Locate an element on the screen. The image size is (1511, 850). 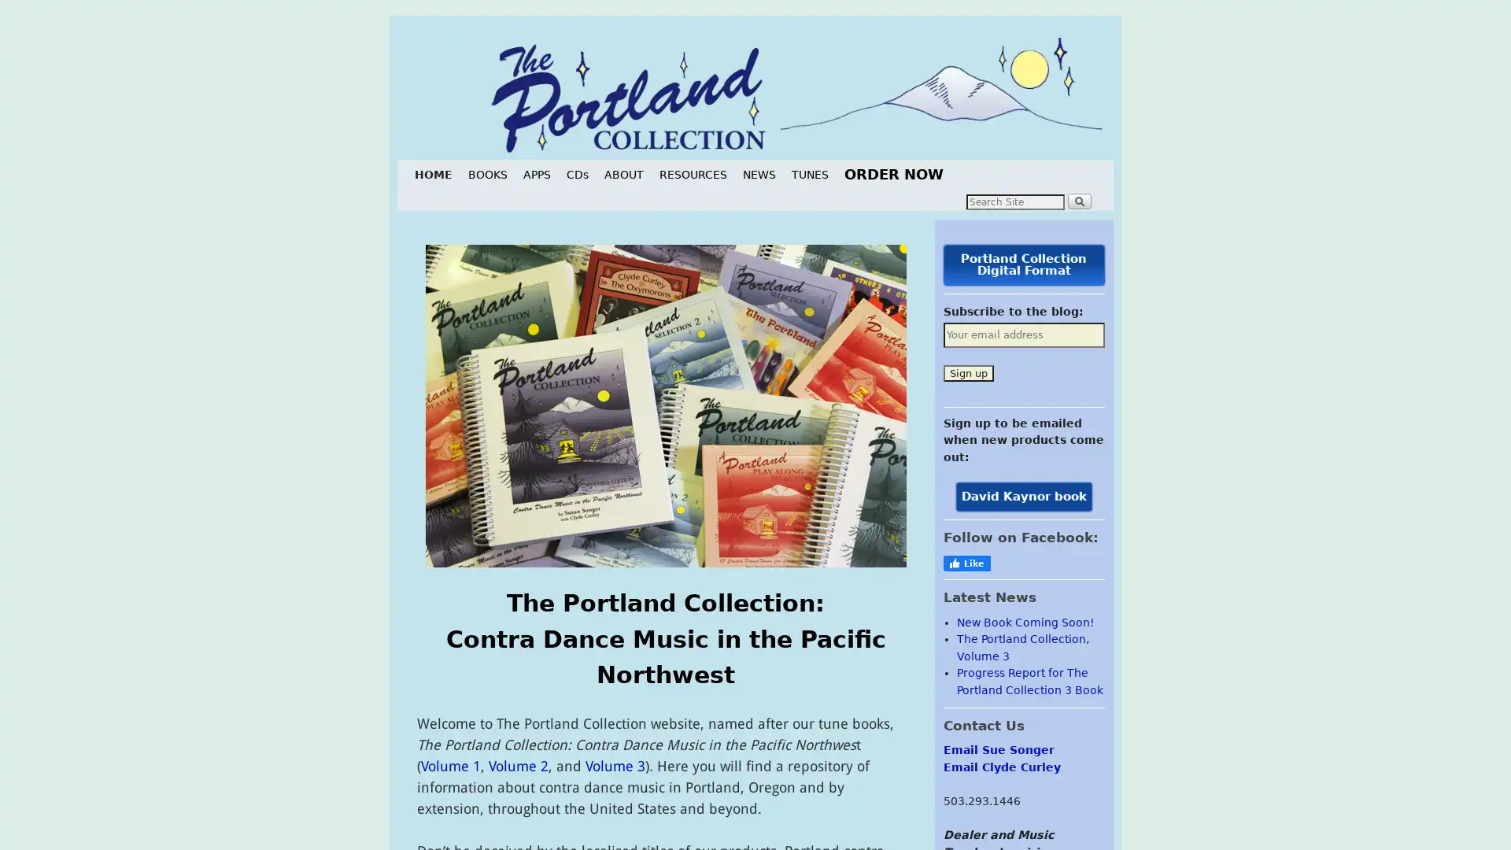
Sign up is located at coordinates (966, 372).